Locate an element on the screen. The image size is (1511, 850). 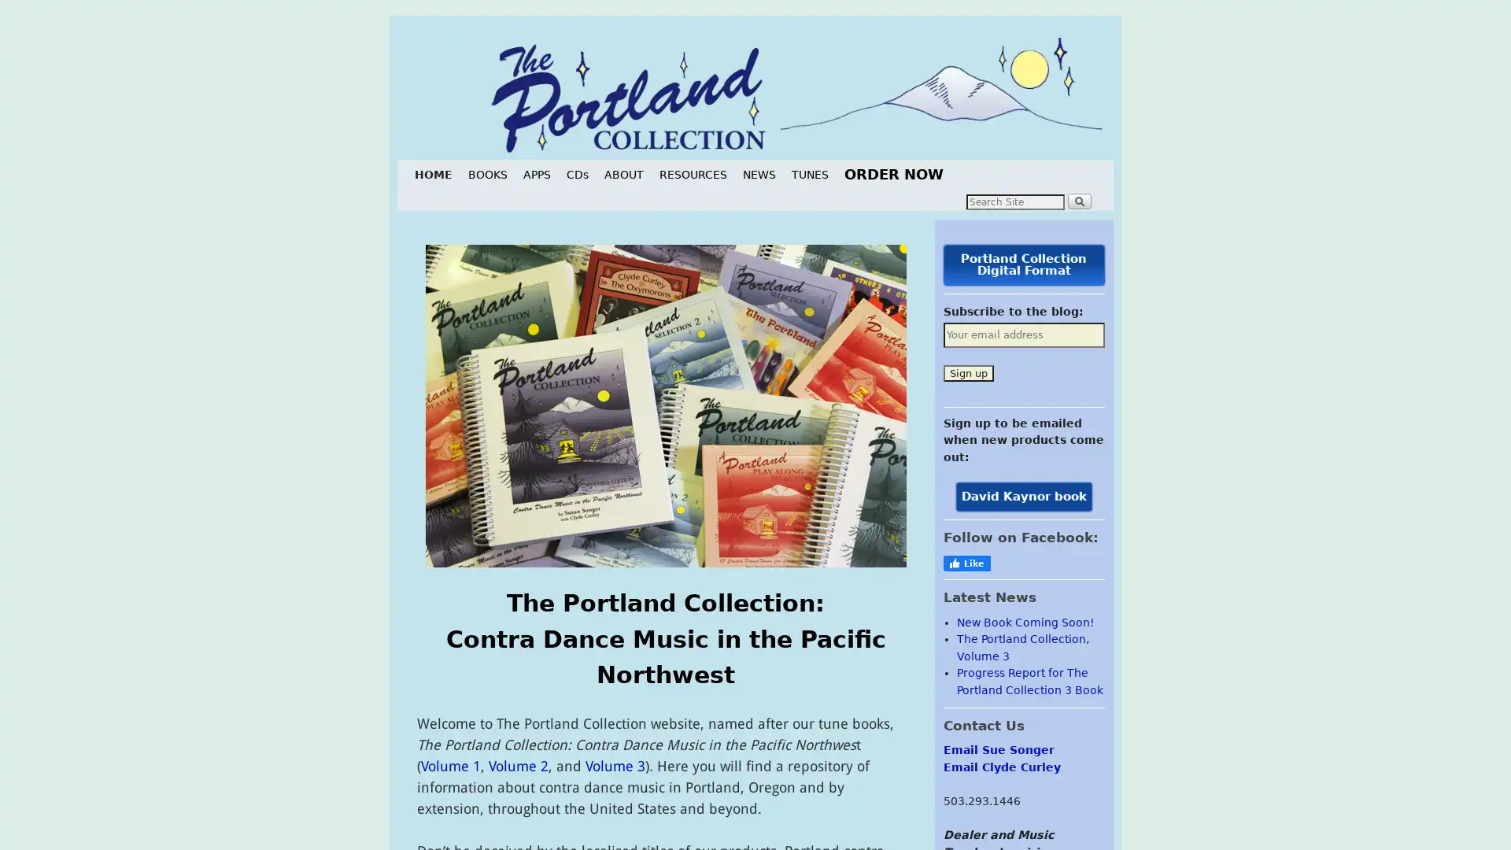
Sign up is located at coordinates (966, 372).